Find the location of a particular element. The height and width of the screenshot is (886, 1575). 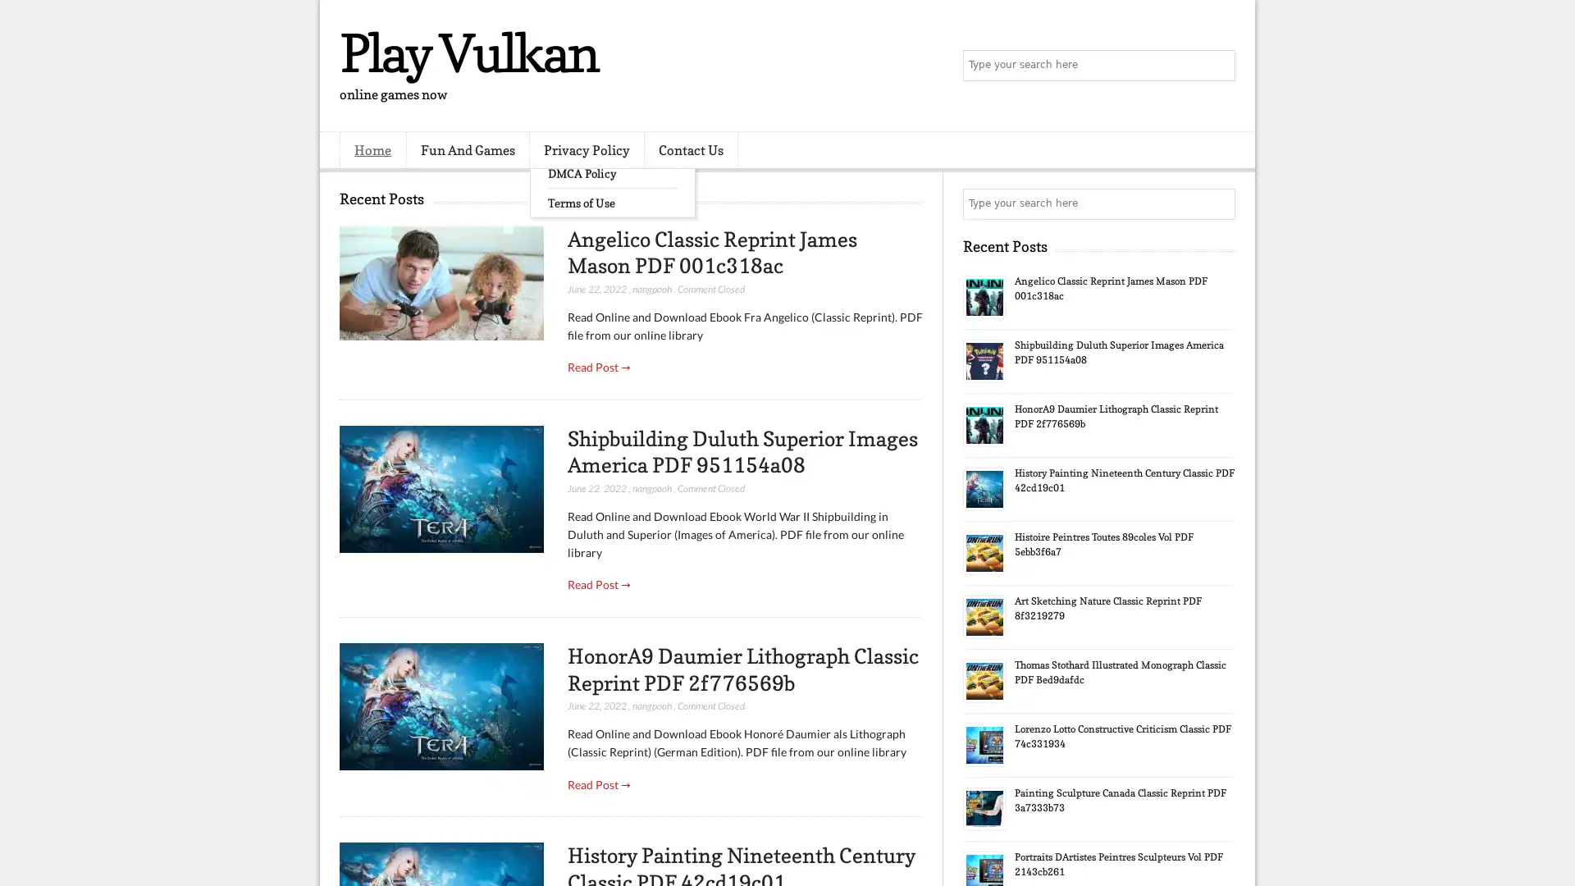

Search is located at coordinates (1218, 203).